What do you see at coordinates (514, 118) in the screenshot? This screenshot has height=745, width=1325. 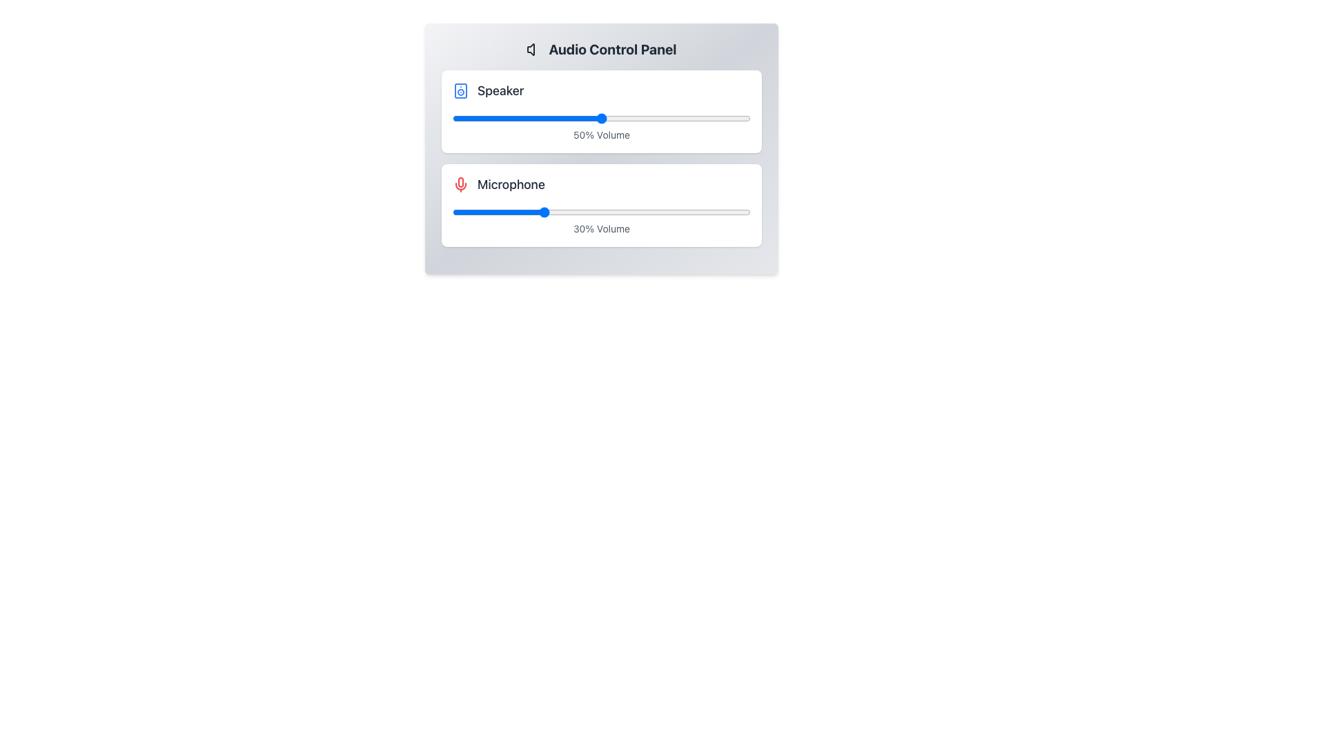 I see `the slider value` at bounding box center [514, 118].